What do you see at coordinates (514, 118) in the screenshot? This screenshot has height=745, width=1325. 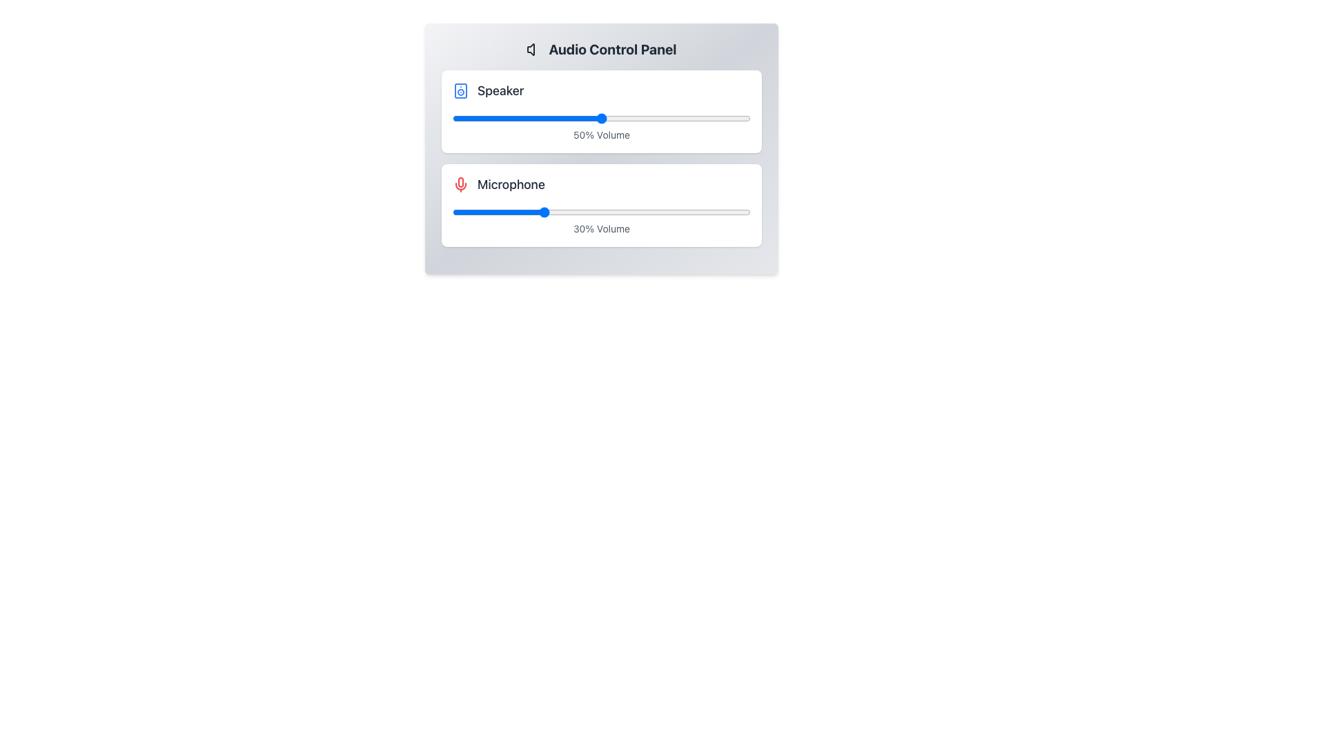 I see `the slider value` at bounding box center [514, 118].